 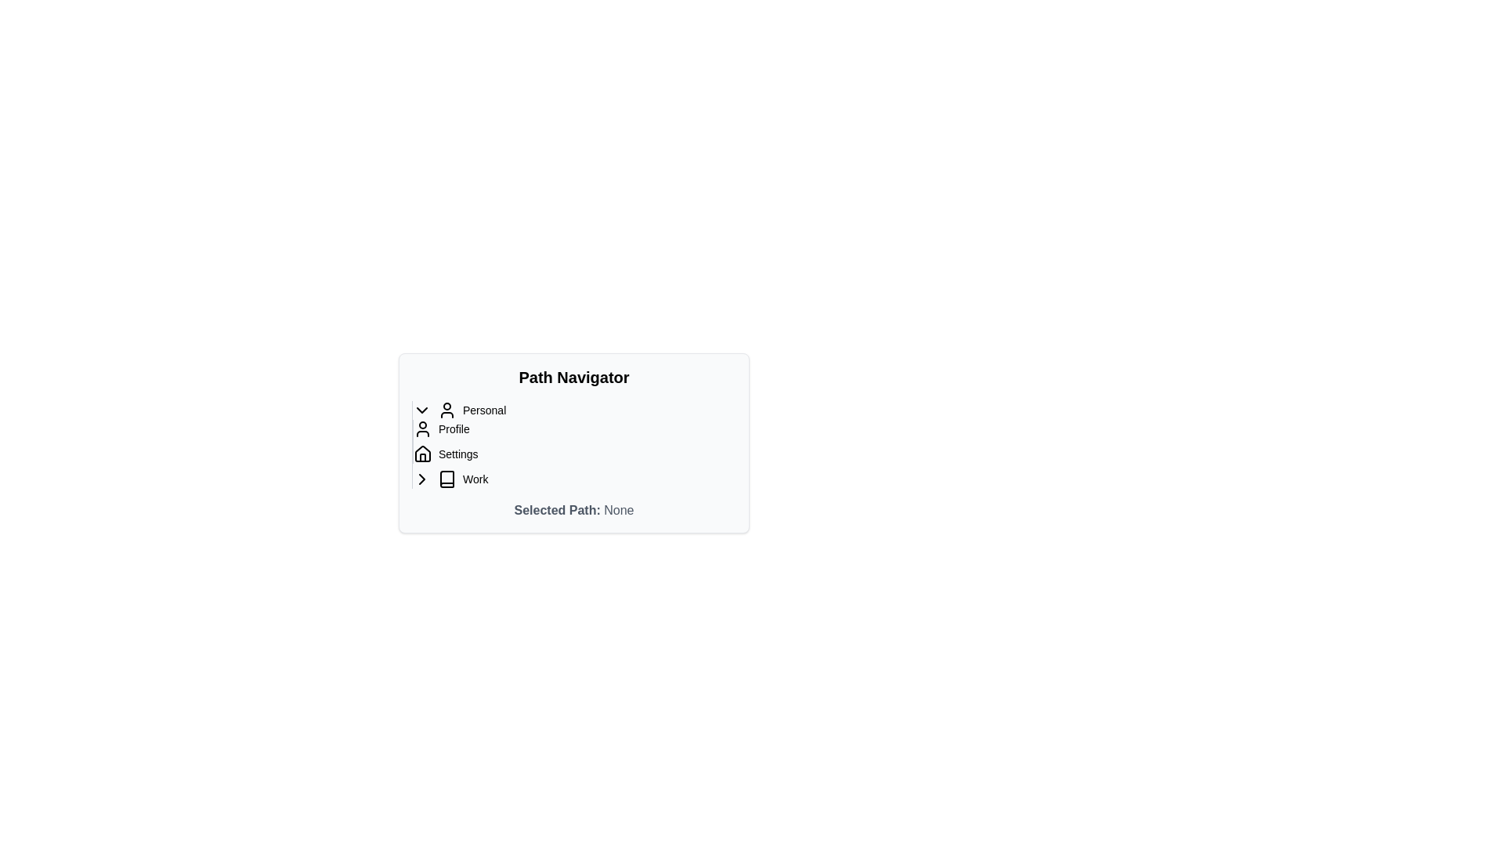 What do you see at coordinates (462, 479) in the screenshot?
I see `the navigational menu item labeled 'Work'` at bounding box center [462, 479].